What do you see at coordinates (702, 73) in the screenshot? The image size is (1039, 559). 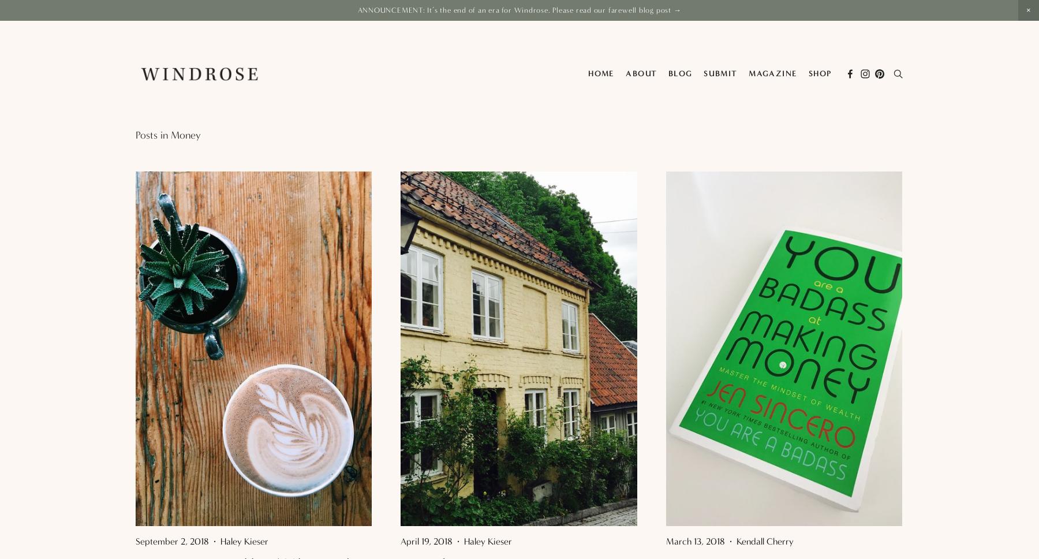 I see `'Submit'` at bounding box center [702, 73].